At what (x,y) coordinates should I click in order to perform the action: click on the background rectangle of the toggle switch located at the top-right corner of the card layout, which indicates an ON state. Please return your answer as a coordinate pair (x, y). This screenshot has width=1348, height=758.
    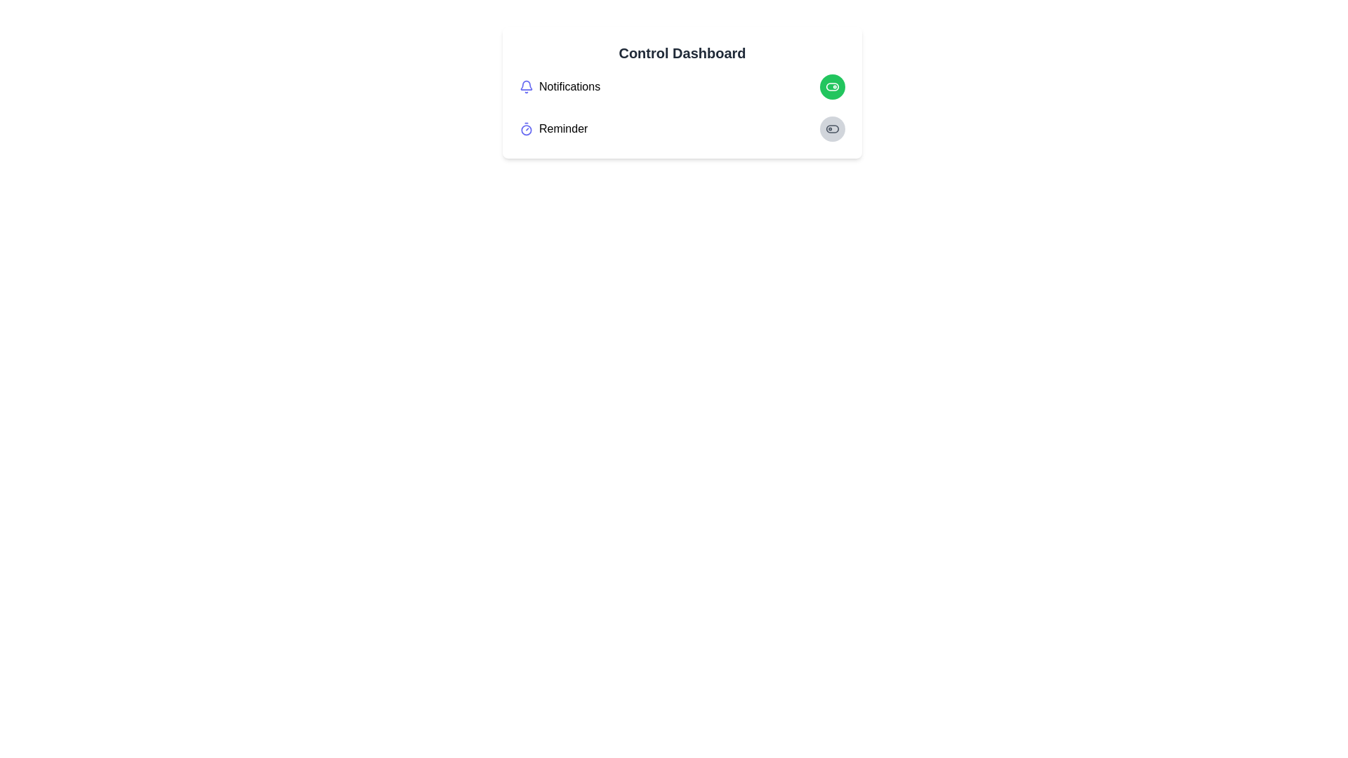
    Looking at the image, I should click on (832, 86).